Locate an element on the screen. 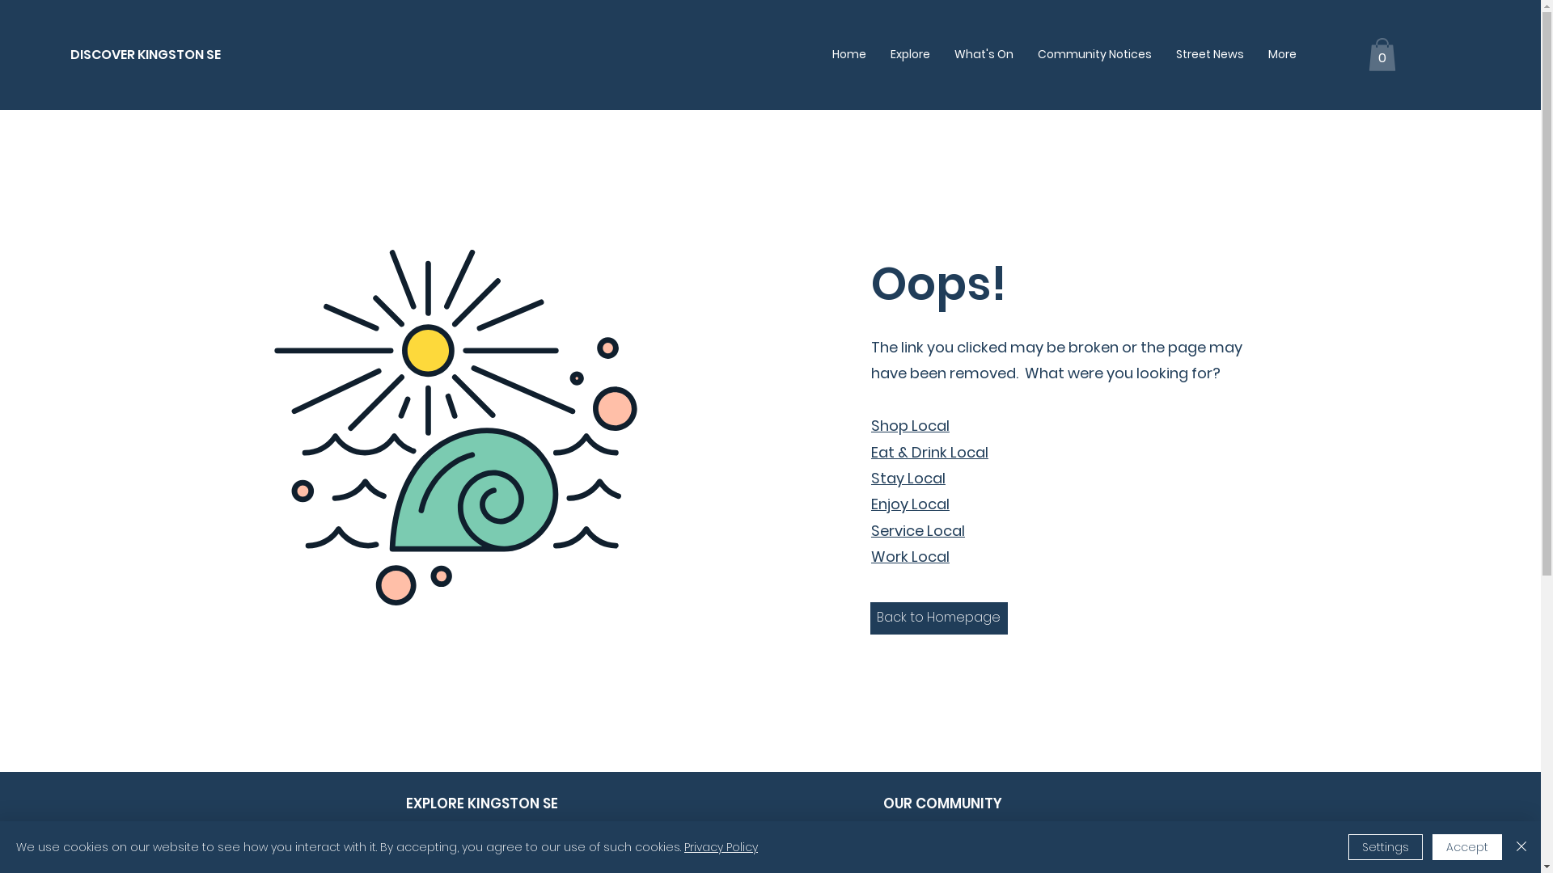  'Service Local' is located at coordinates (870, 530).